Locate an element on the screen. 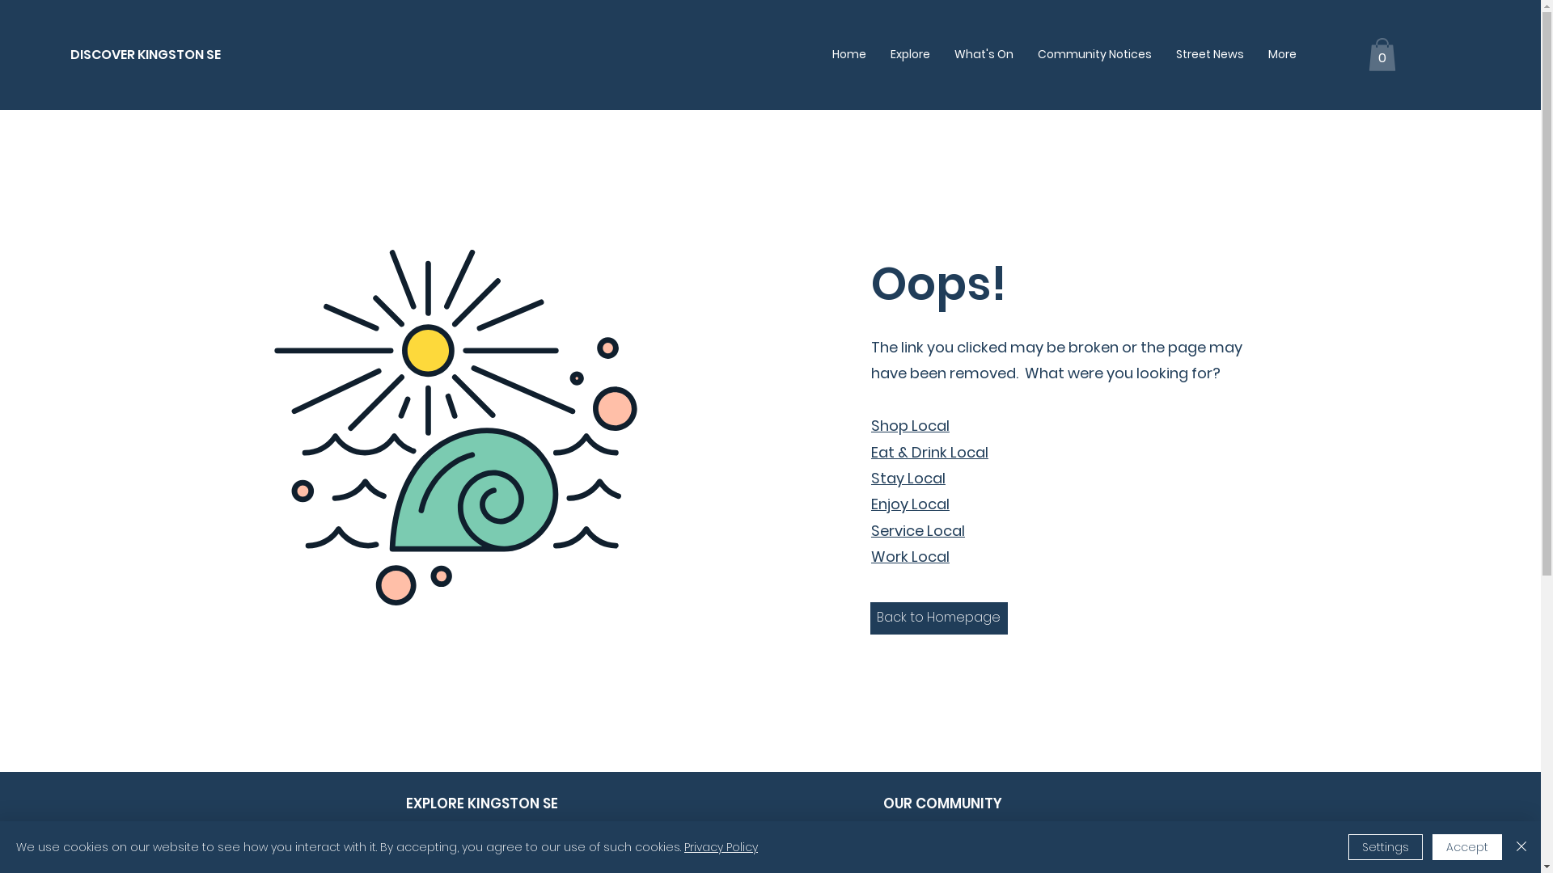  'Service Local' is located at coordinates (870, 530).